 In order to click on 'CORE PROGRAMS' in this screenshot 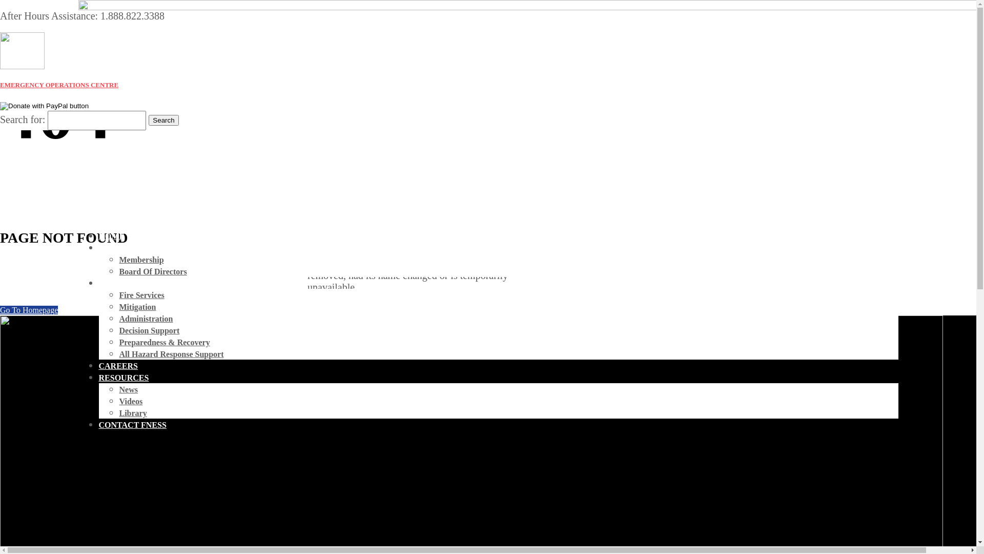, I will do `click(98, 283)`.